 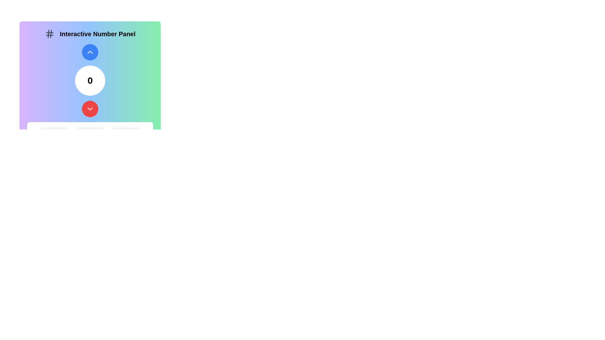 I want to click on the selectable button representing 'Option 3', so click(x=126, y=132).